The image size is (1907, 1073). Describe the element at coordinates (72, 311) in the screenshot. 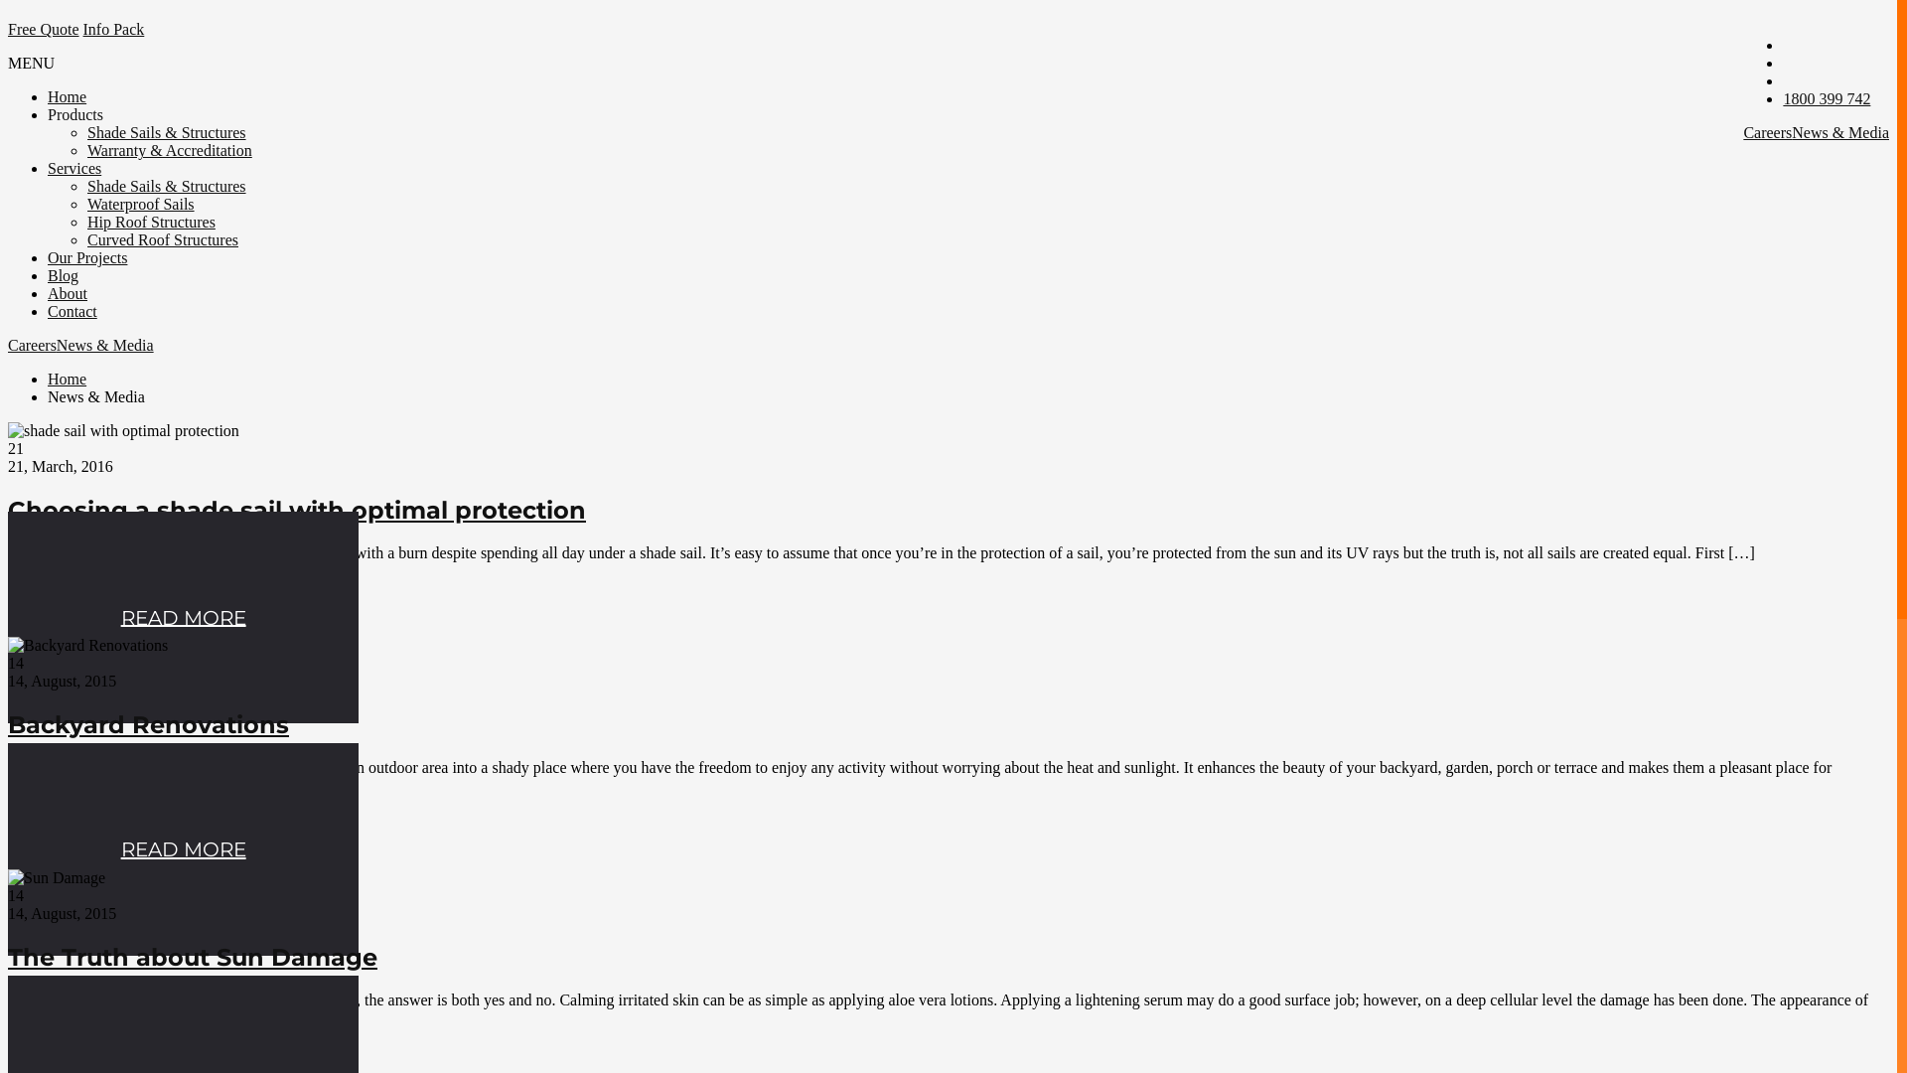

I see `'Contact'` at that location.